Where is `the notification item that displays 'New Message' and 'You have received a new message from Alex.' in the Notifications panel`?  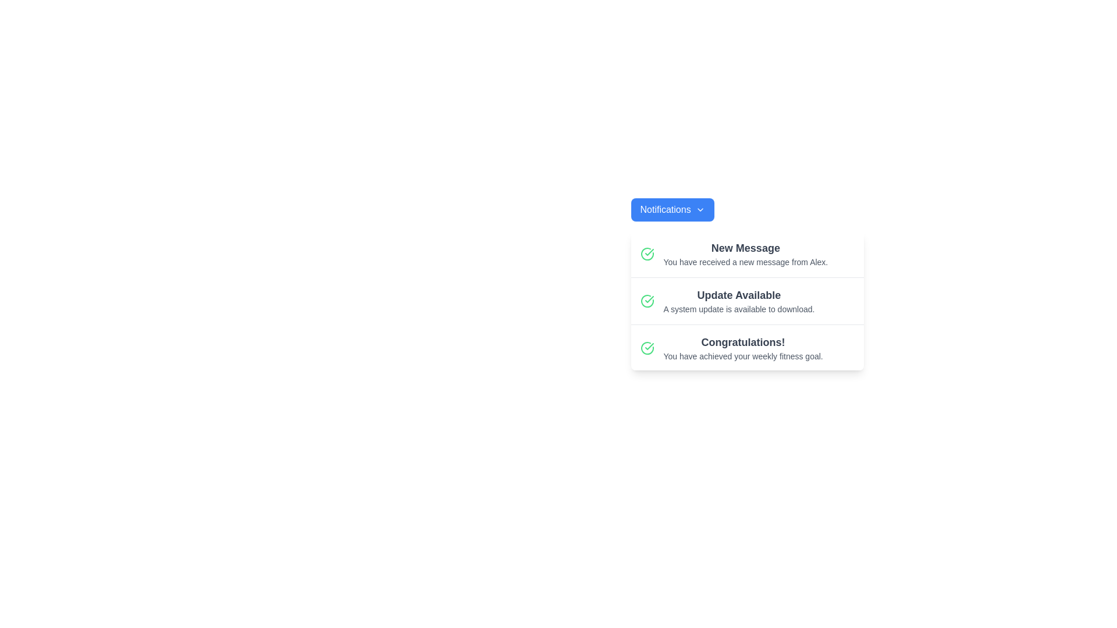 the notification item that displays 'New Message' and 'You have received a new message from Alex.' in the Notifications panel is located at coordinates (745, 253).